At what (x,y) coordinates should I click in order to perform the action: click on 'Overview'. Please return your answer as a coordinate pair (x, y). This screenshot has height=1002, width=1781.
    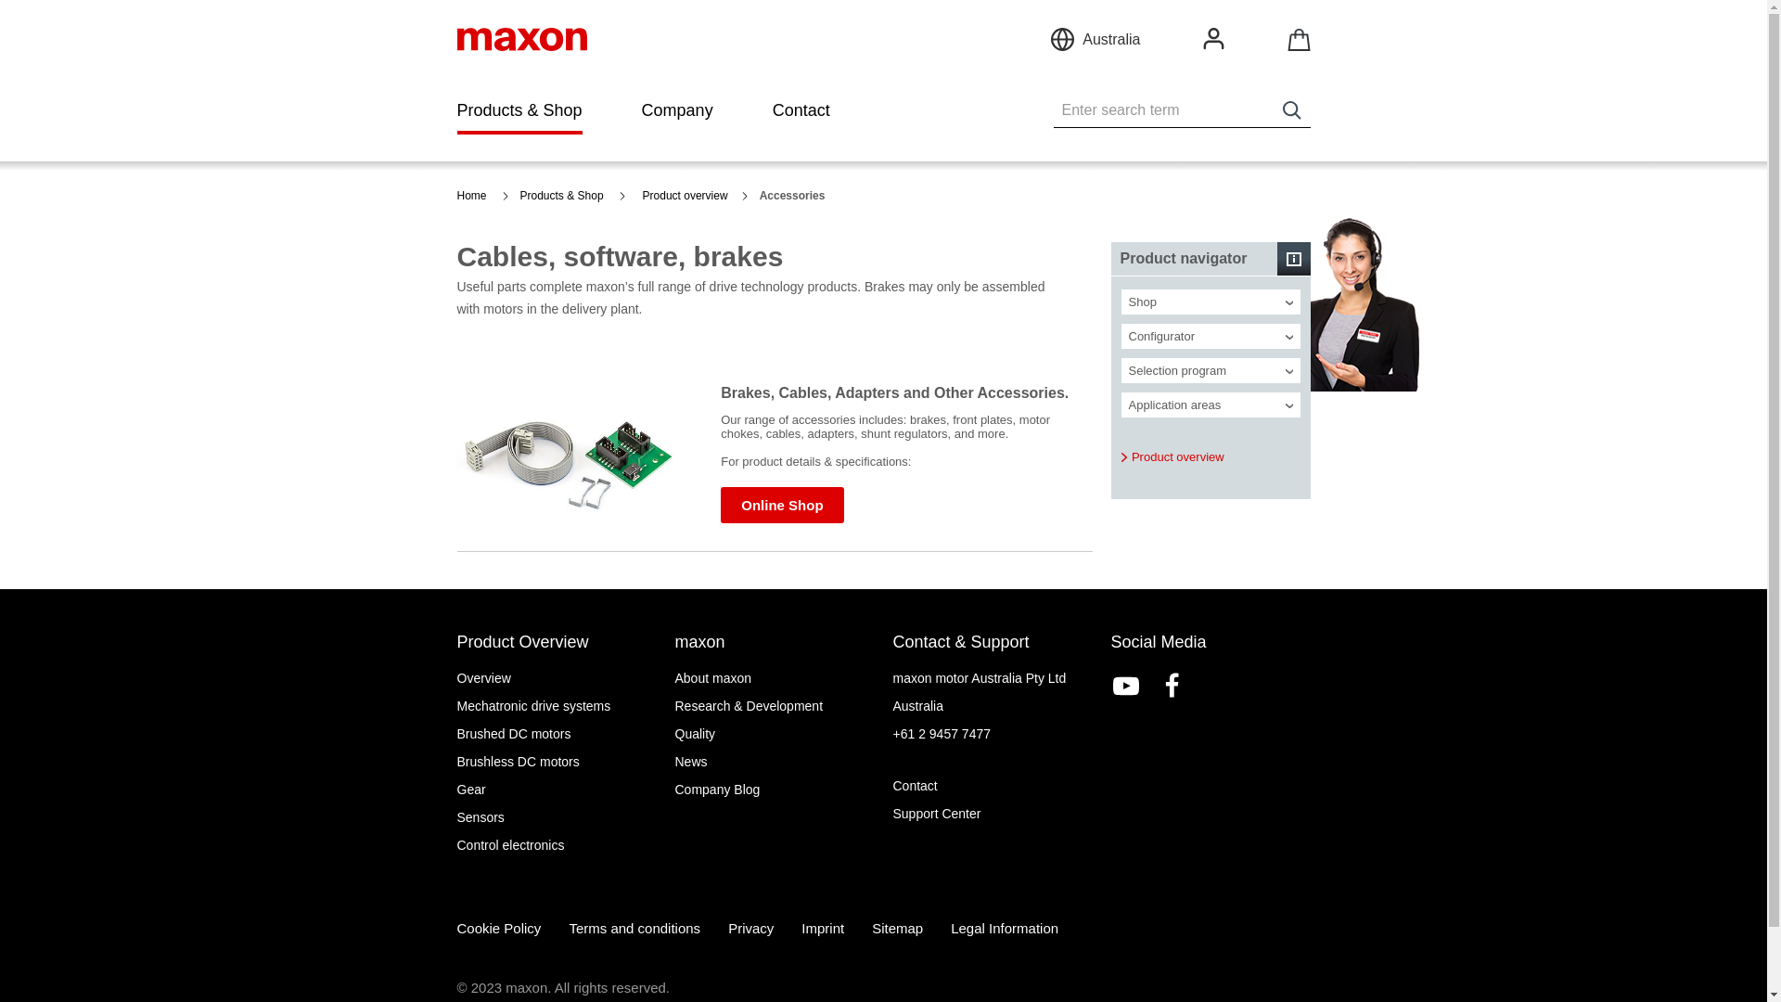
    Looking at the image, I should click on (555, 678).